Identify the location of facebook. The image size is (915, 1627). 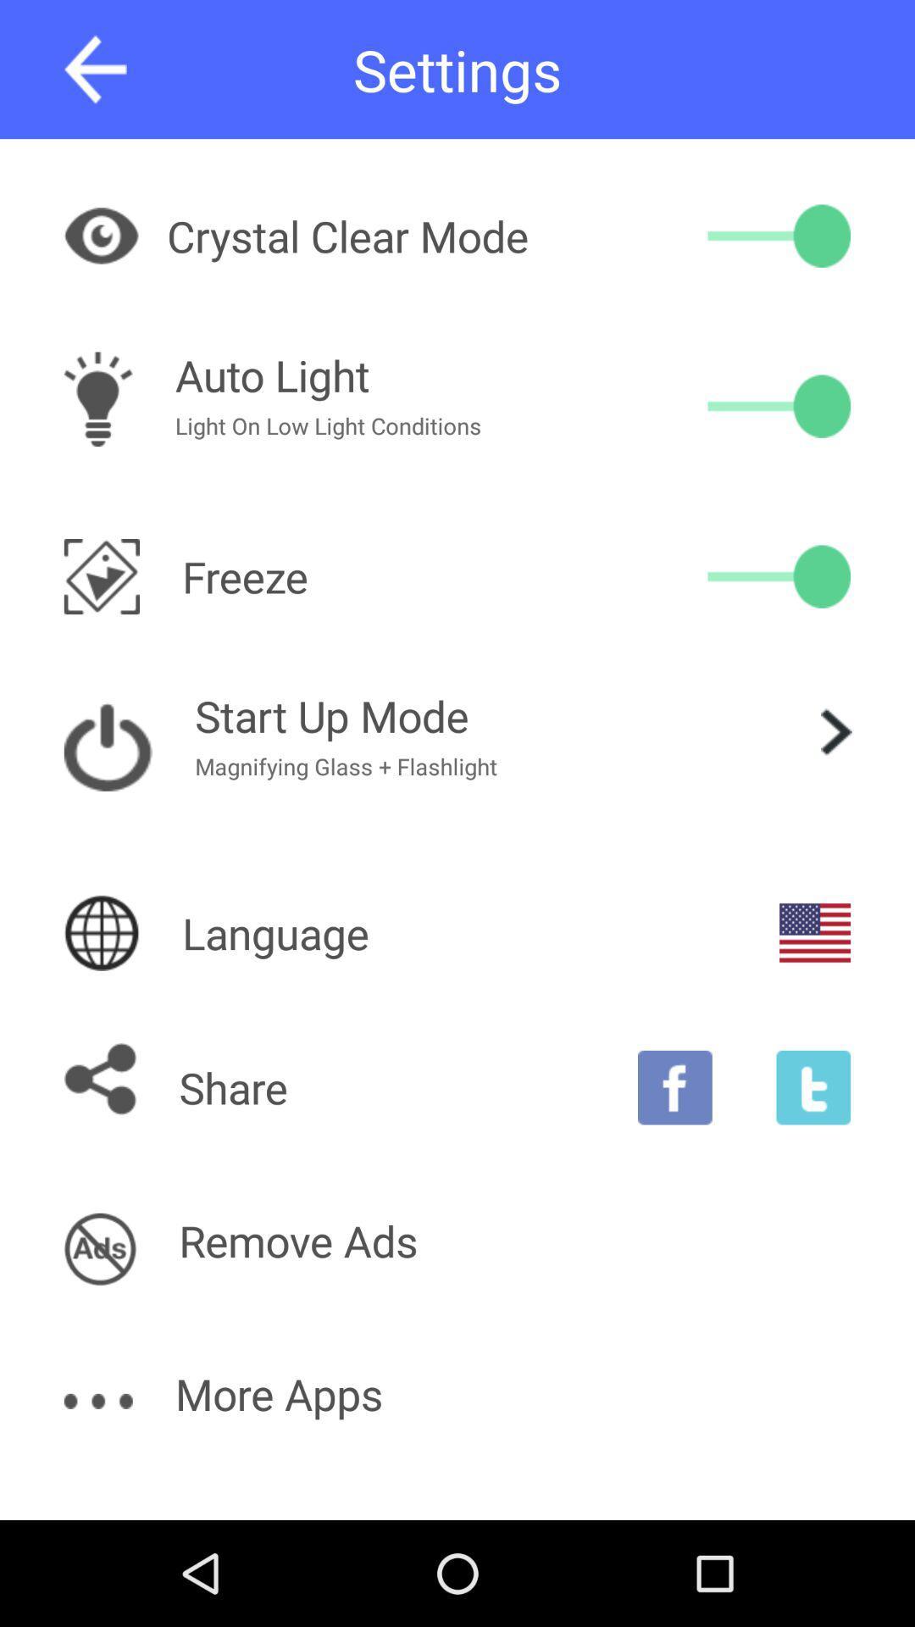
(674, 1087).